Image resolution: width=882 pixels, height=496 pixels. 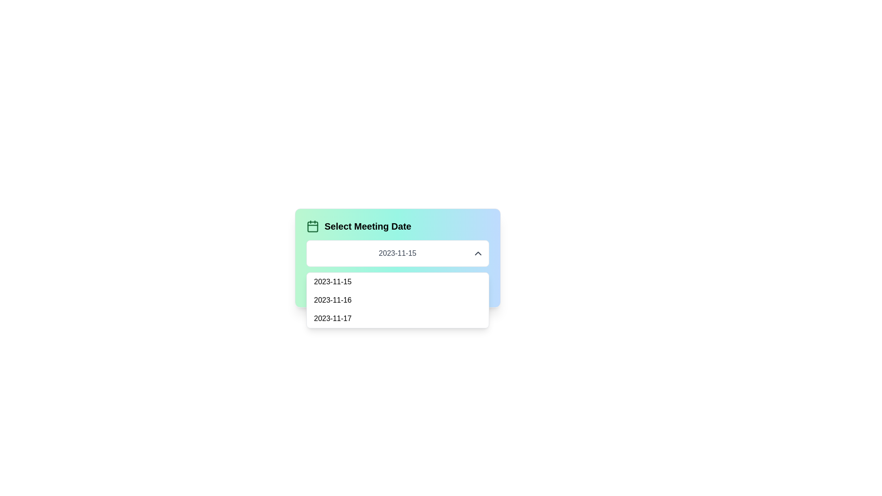 What do you see at coordinates (312, 227) in the screenshot?
I see `the green rectangular icon with rounded corners in the central area of the calendar icon` at bounding box center [312, 227].